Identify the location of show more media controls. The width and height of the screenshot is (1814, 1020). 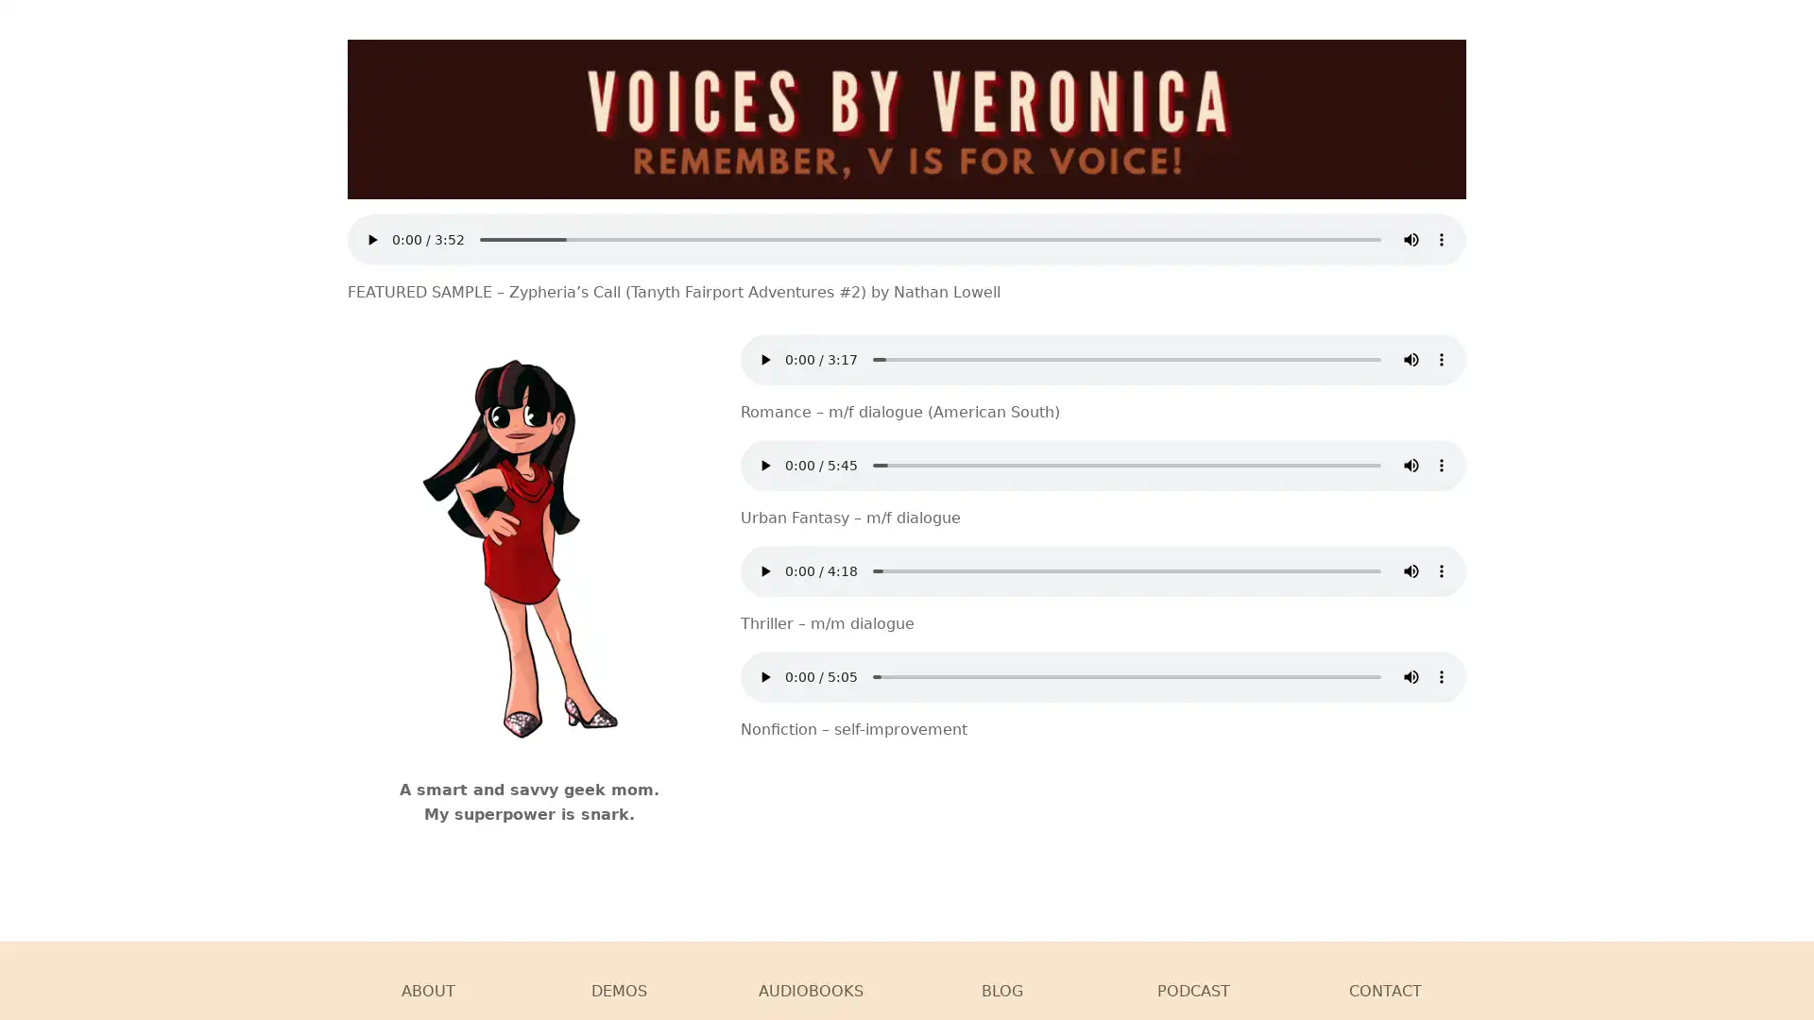
(1441, 360).